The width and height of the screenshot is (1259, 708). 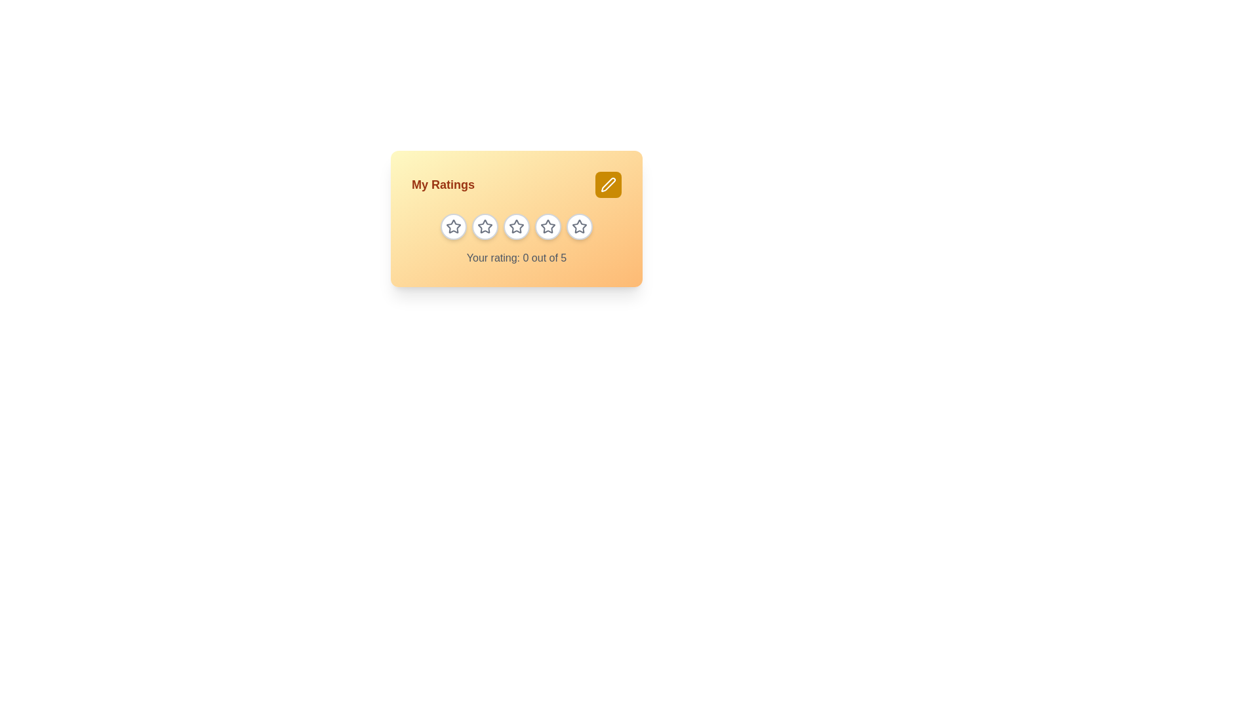 I want to click on the first star icon in the rating component under 'My Ratings', so click(x=453, y=226).